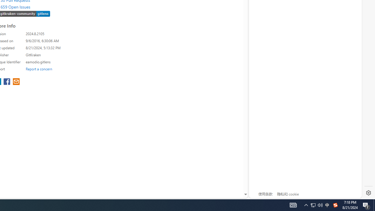 The height and width of the screenshot is (211, 375). What do you see at coordinates (313, 205) in the screenshot?
I see `'Notification Chevron'` at bounding box center [313, 205].